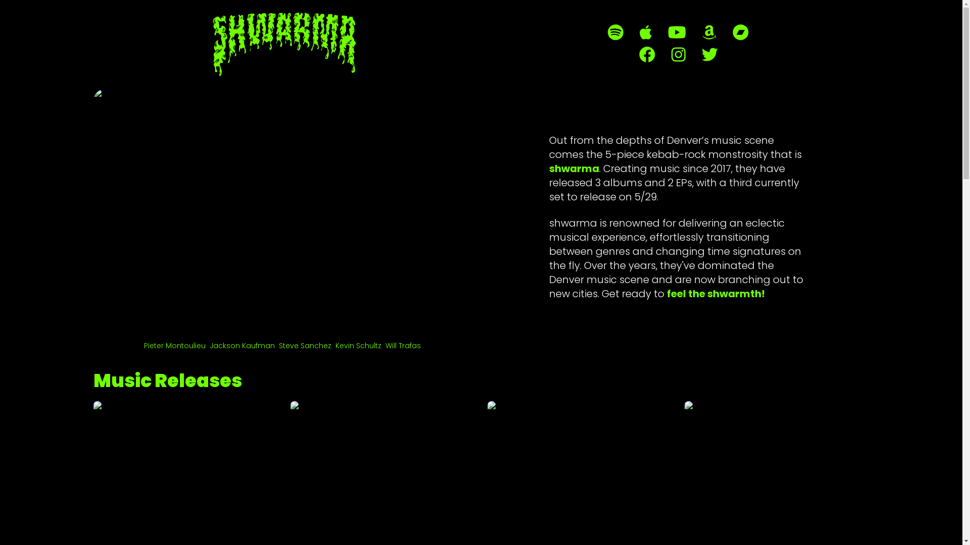 Image resolution: width=970 pixels, height=545 pixels. What do you see at coordinates (647, 54) in the screenshot?
I see `'Facebook'` at bounding box center [647, 54].